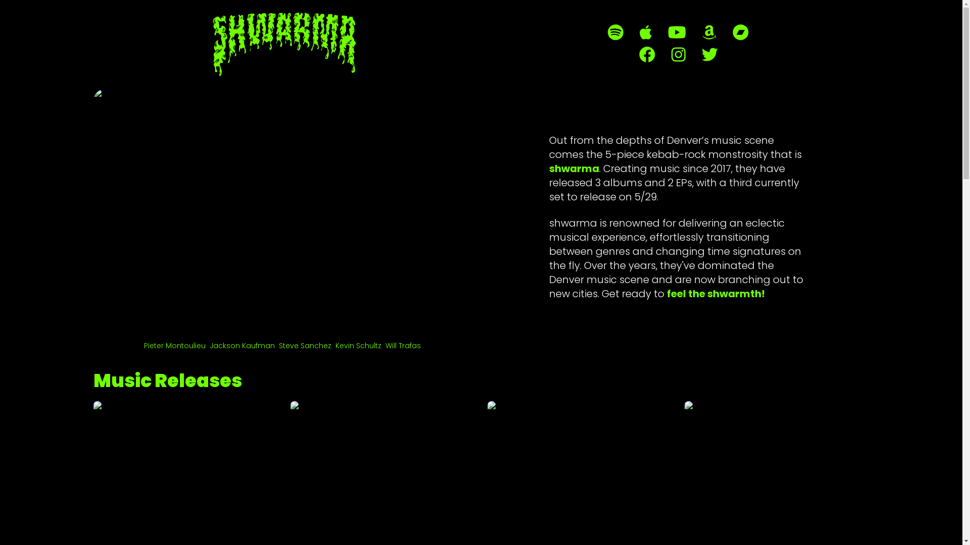 Image resolution: width=970 pixels, height=545 pixels. What do you see at coordinates (647, 54) in the screenshot?
I see `'Facebook'` at bounding box center [647, 54].